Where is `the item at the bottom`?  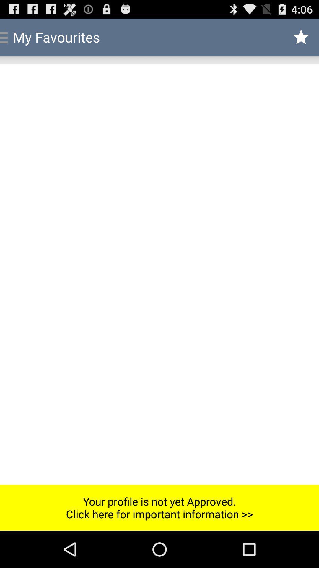
the item at the bottom is located at coordinates (159, 507).